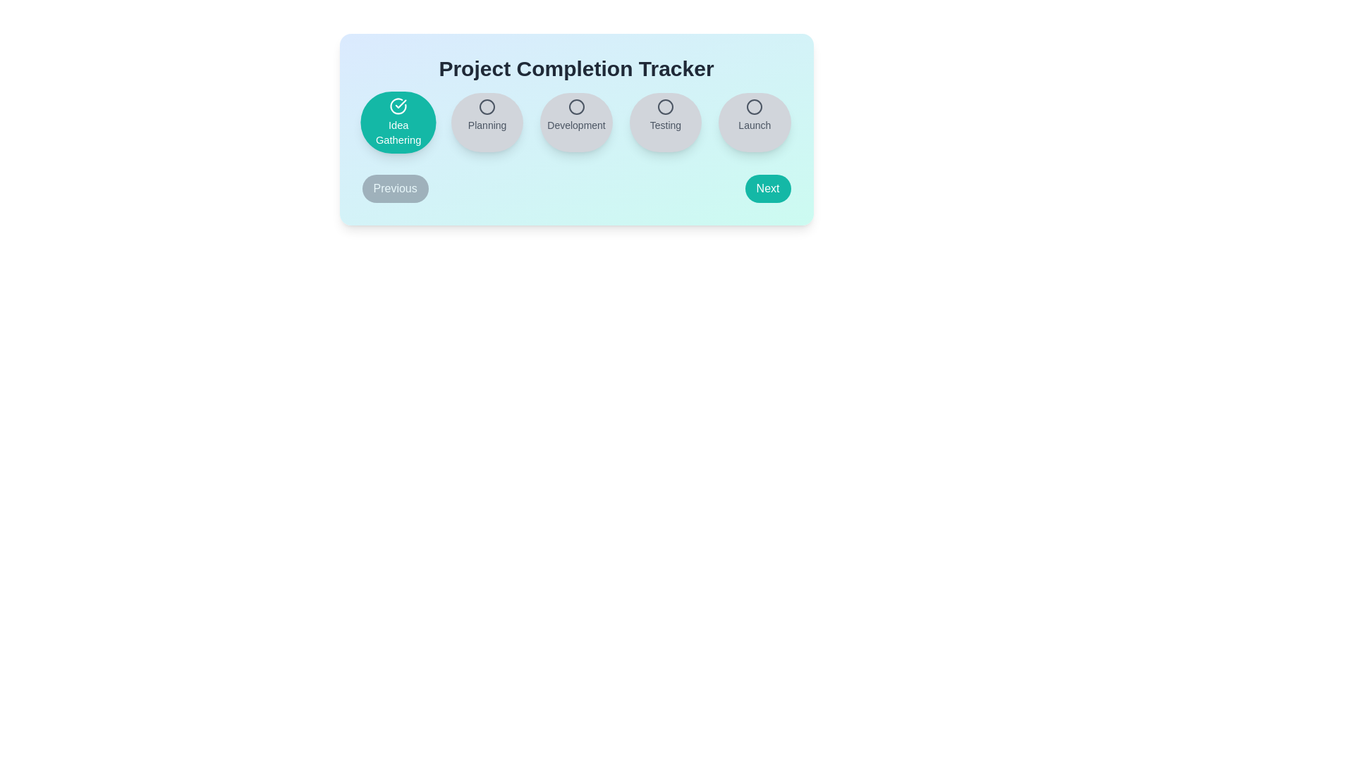 Image resolution: width=1354 pixels, height=761 pixels. I want to click on the Circular SVG marker labeled 'Planning', which is the second step in a progress tracker interface, positioned between 'Idea Gathering' and 'Development', so click(487, 106).